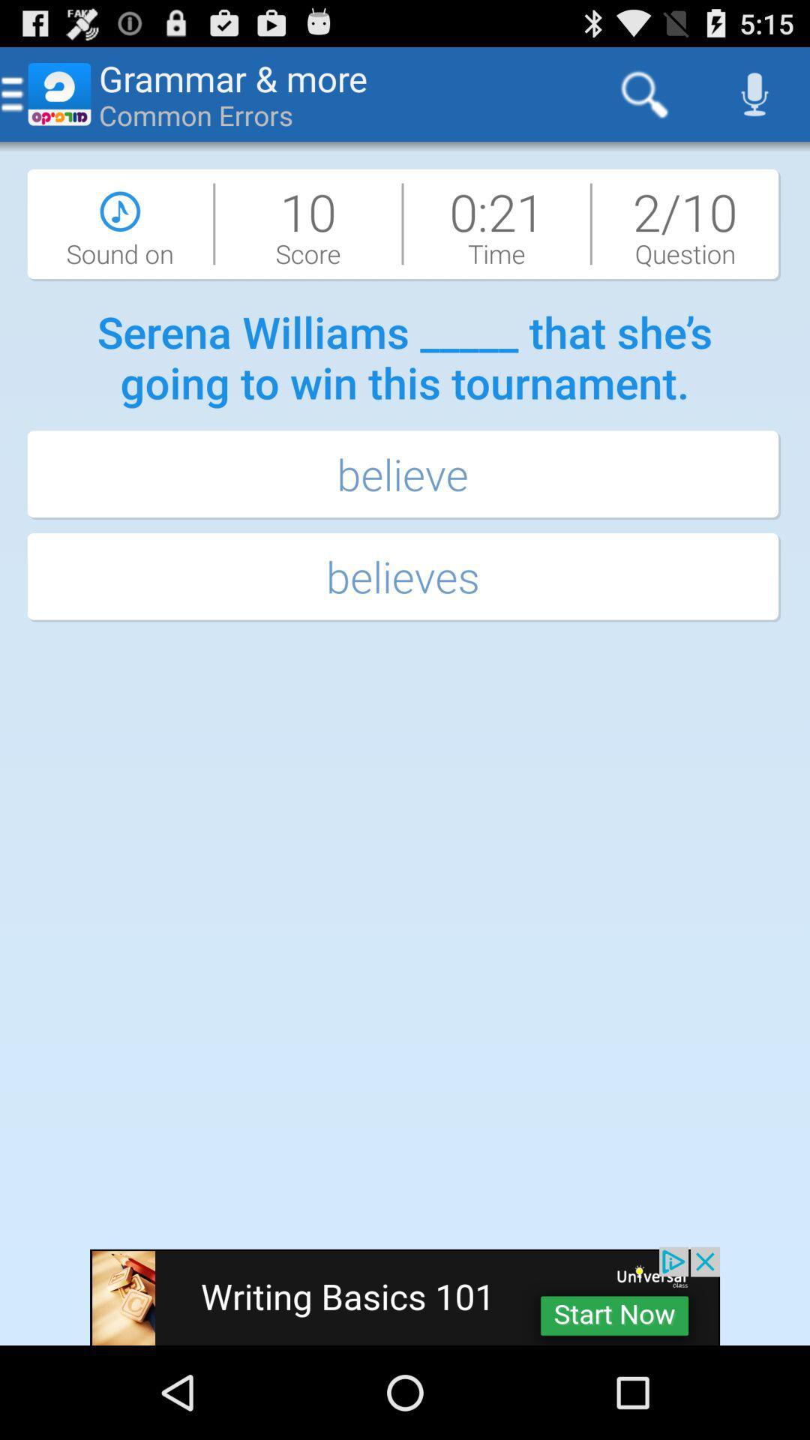  What do you see at coordinates (119, 223) in the screenshot?
I see `the first icon which is below the common errors` at bounding box center [119, 223].